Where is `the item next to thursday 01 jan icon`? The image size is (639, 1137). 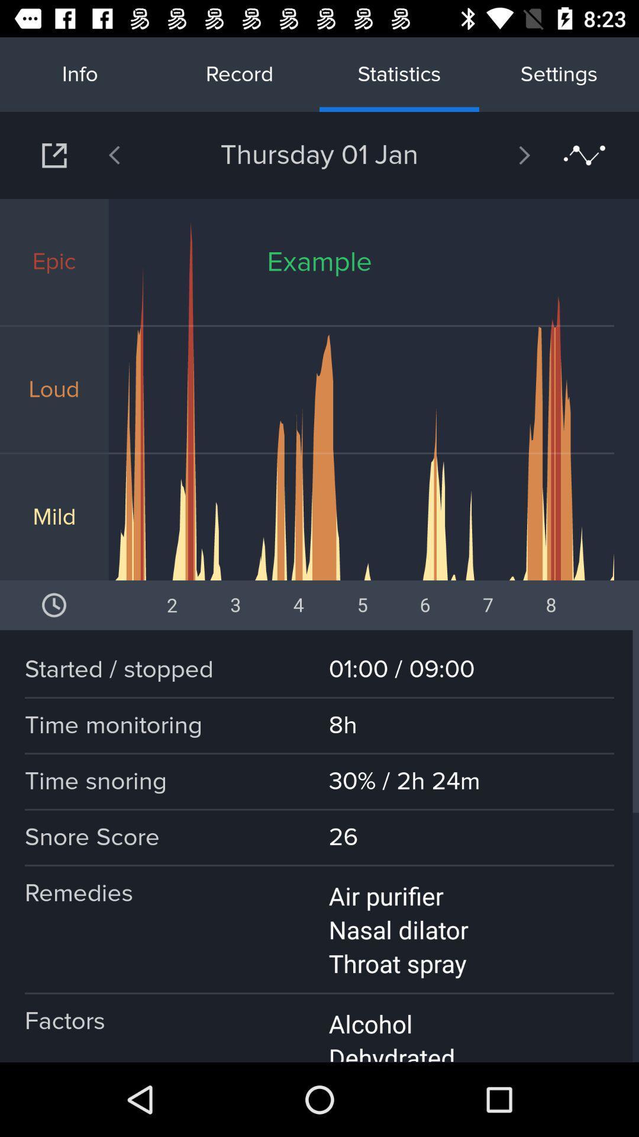
the item next to thursday 01 jan icon is located at coordinates (144, 155).